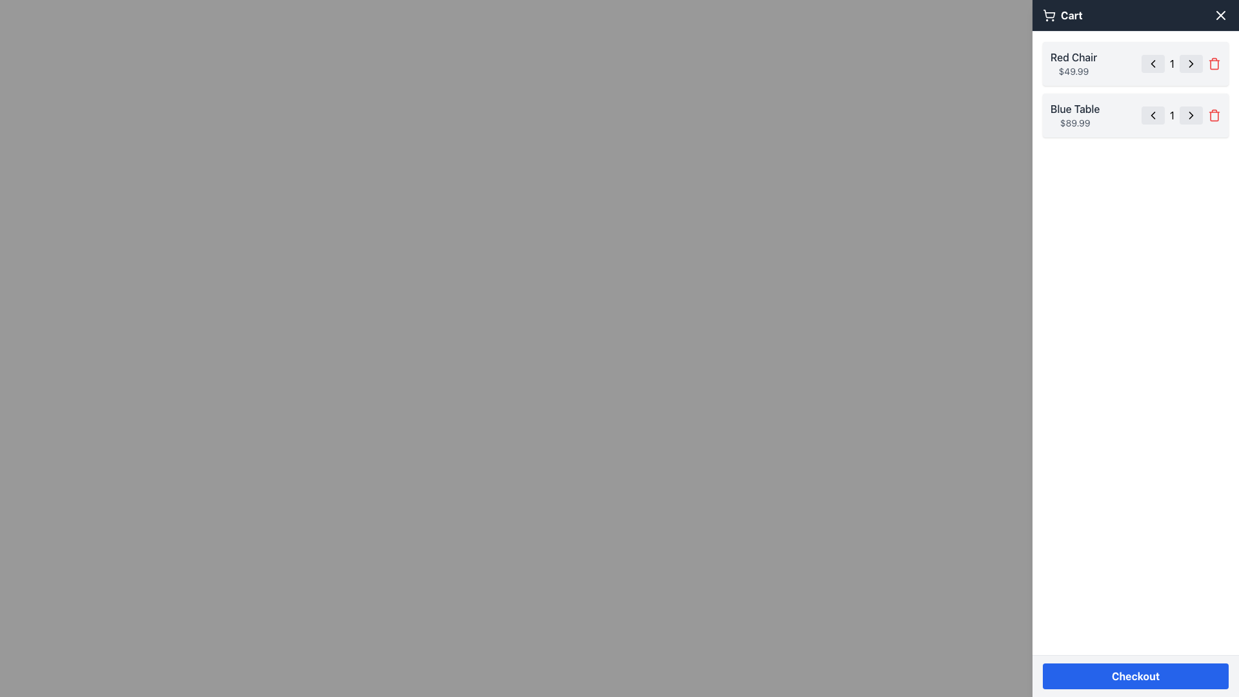  What do you see at coordinates (1191, 114) in the screenshot?
I see `the small button with a right-pointing chevron, located next to the 'Blue Table' cart item in the shopping cart interface` at bounding box center [1191, 114].